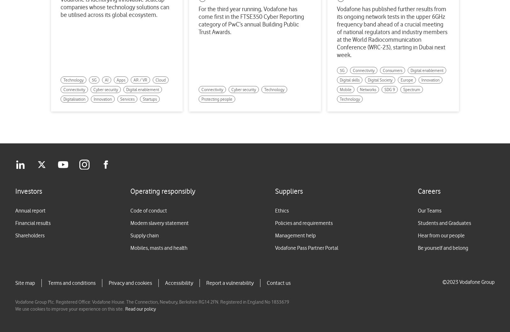  What do you see at coordinates (278, 282) in the screenshot?
I see `'Contact us'` at bounding box center [278, 282].